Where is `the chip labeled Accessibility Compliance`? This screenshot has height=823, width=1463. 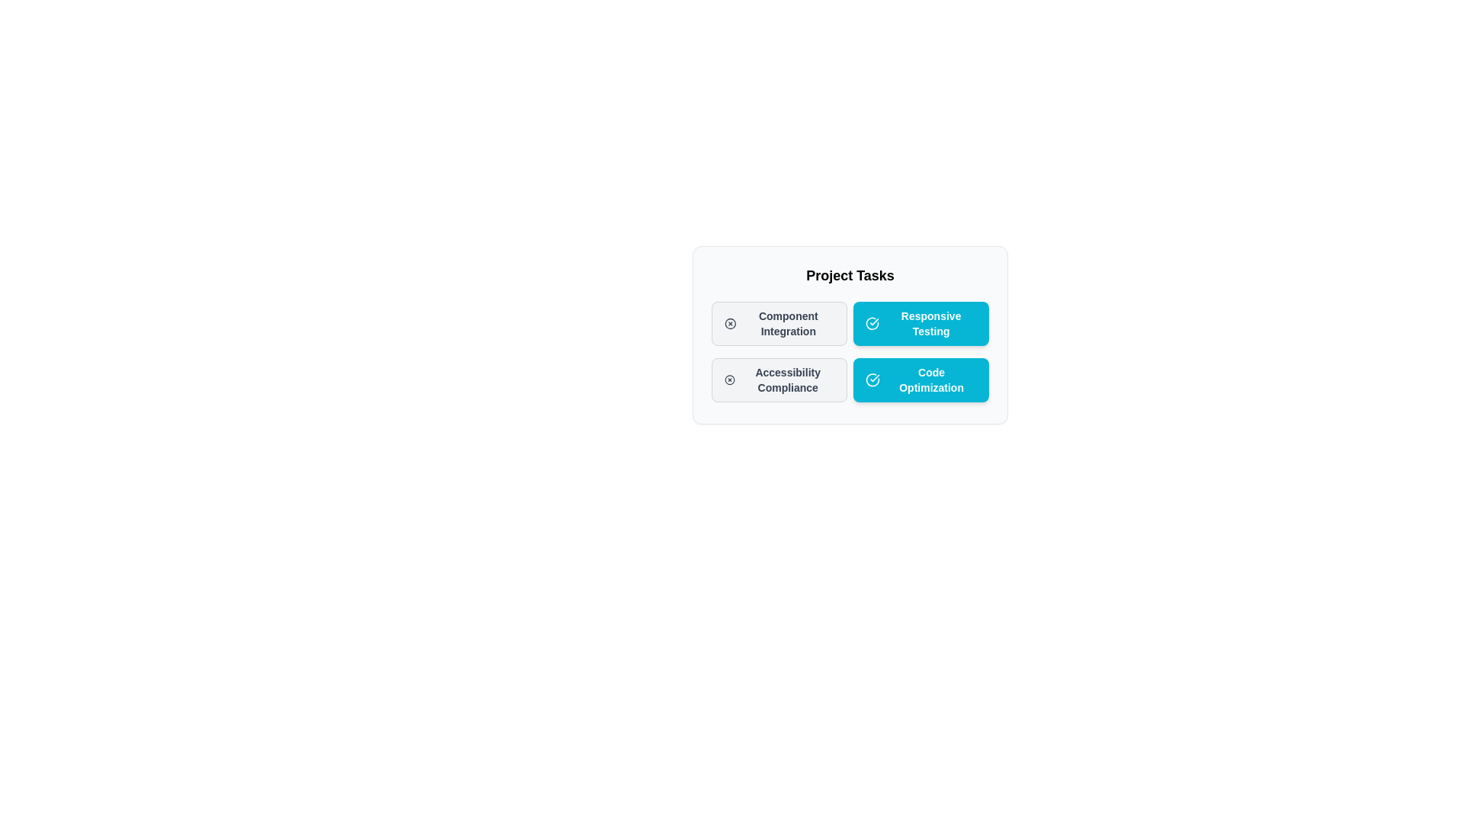
the chip labeled Accessibility Compliance is located at coordinates (779, 379).